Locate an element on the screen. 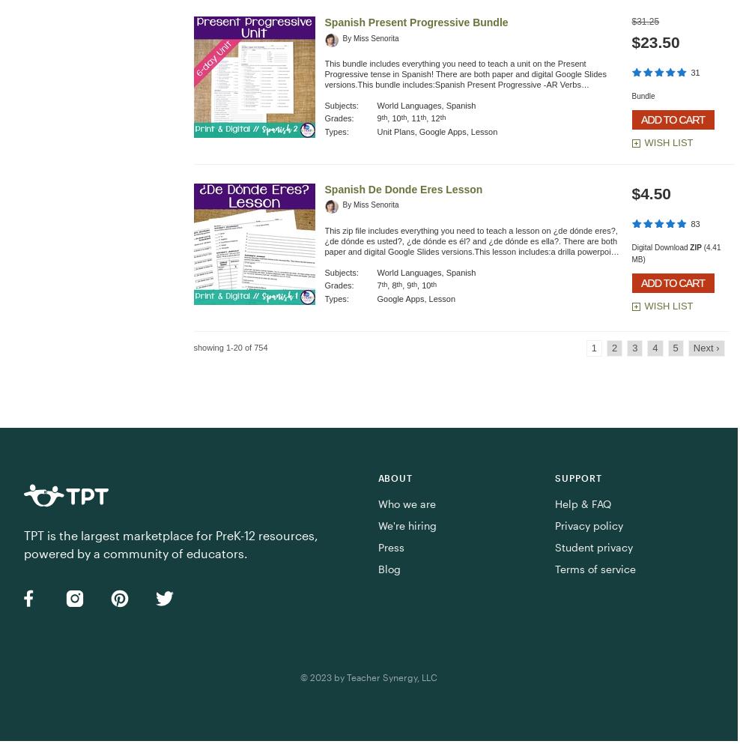 This screenshot has width=740, height=753. 'next ›' is located at coordinates (706, 348).